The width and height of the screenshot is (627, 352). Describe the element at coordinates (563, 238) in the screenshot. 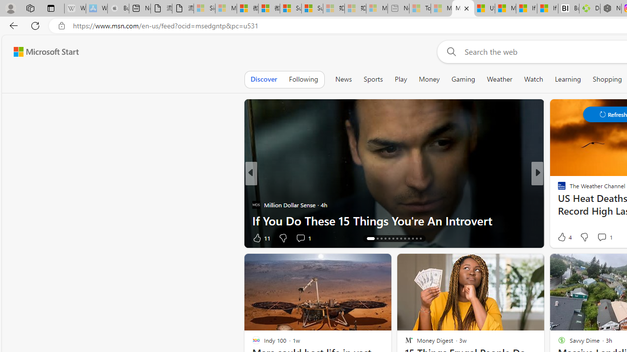

I see `'38 Like'` at that location.